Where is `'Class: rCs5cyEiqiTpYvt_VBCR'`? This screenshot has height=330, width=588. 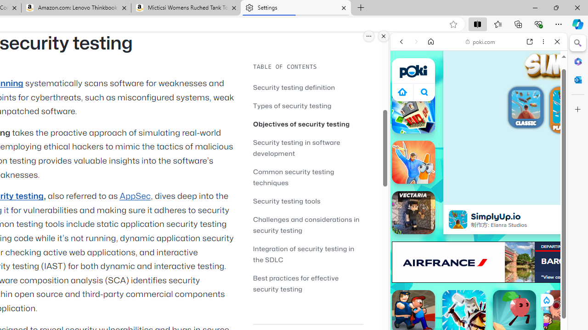 'Class: rCs5cyEiqiTpYvt_VBCR' is located at coordinates (546, 300).